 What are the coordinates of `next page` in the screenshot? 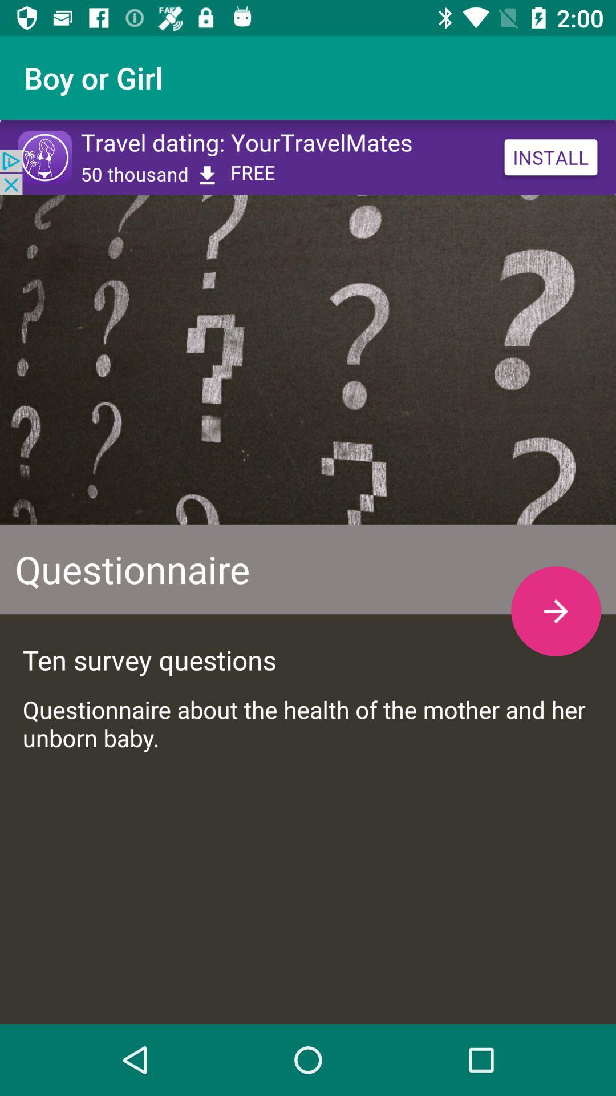 It's located at (556, 610).